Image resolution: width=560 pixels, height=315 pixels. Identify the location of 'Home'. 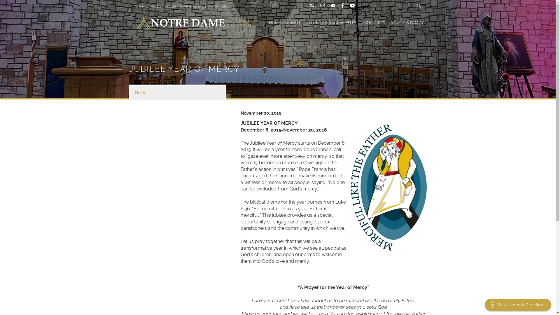
(177, 92).